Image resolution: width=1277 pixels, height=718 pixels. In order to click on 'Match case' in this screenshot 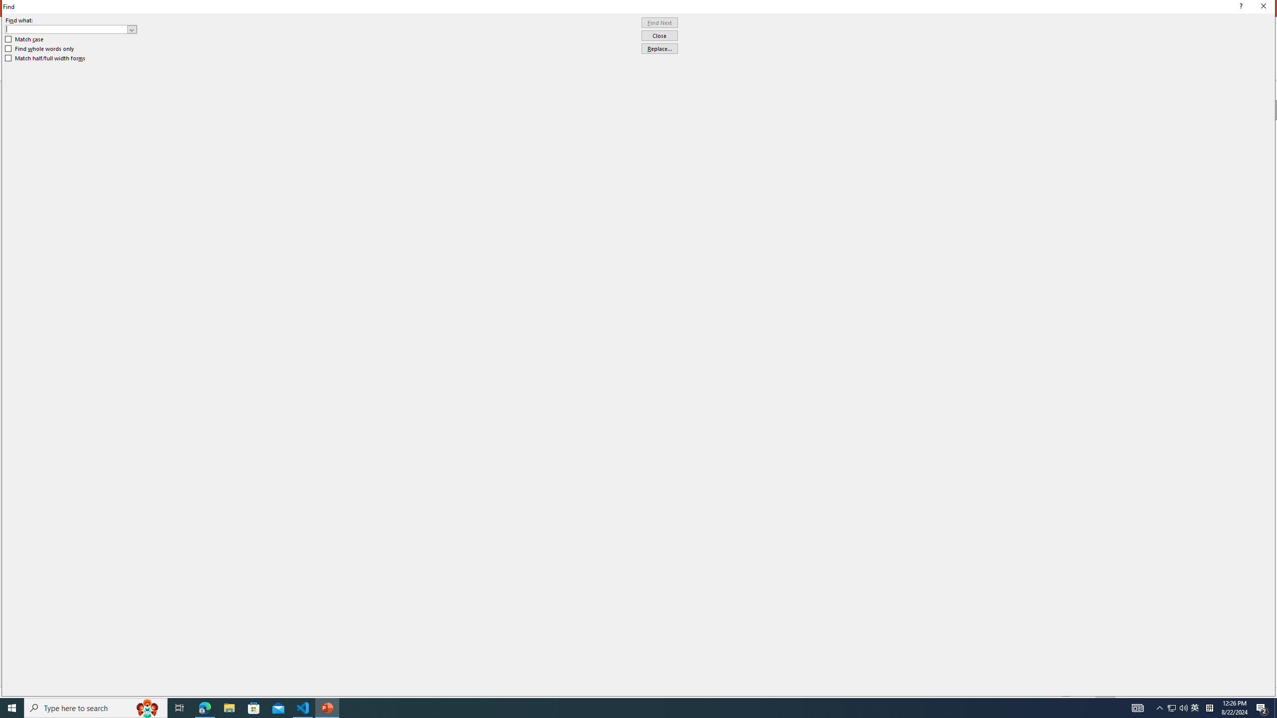, I will do `click(24, 38)`.